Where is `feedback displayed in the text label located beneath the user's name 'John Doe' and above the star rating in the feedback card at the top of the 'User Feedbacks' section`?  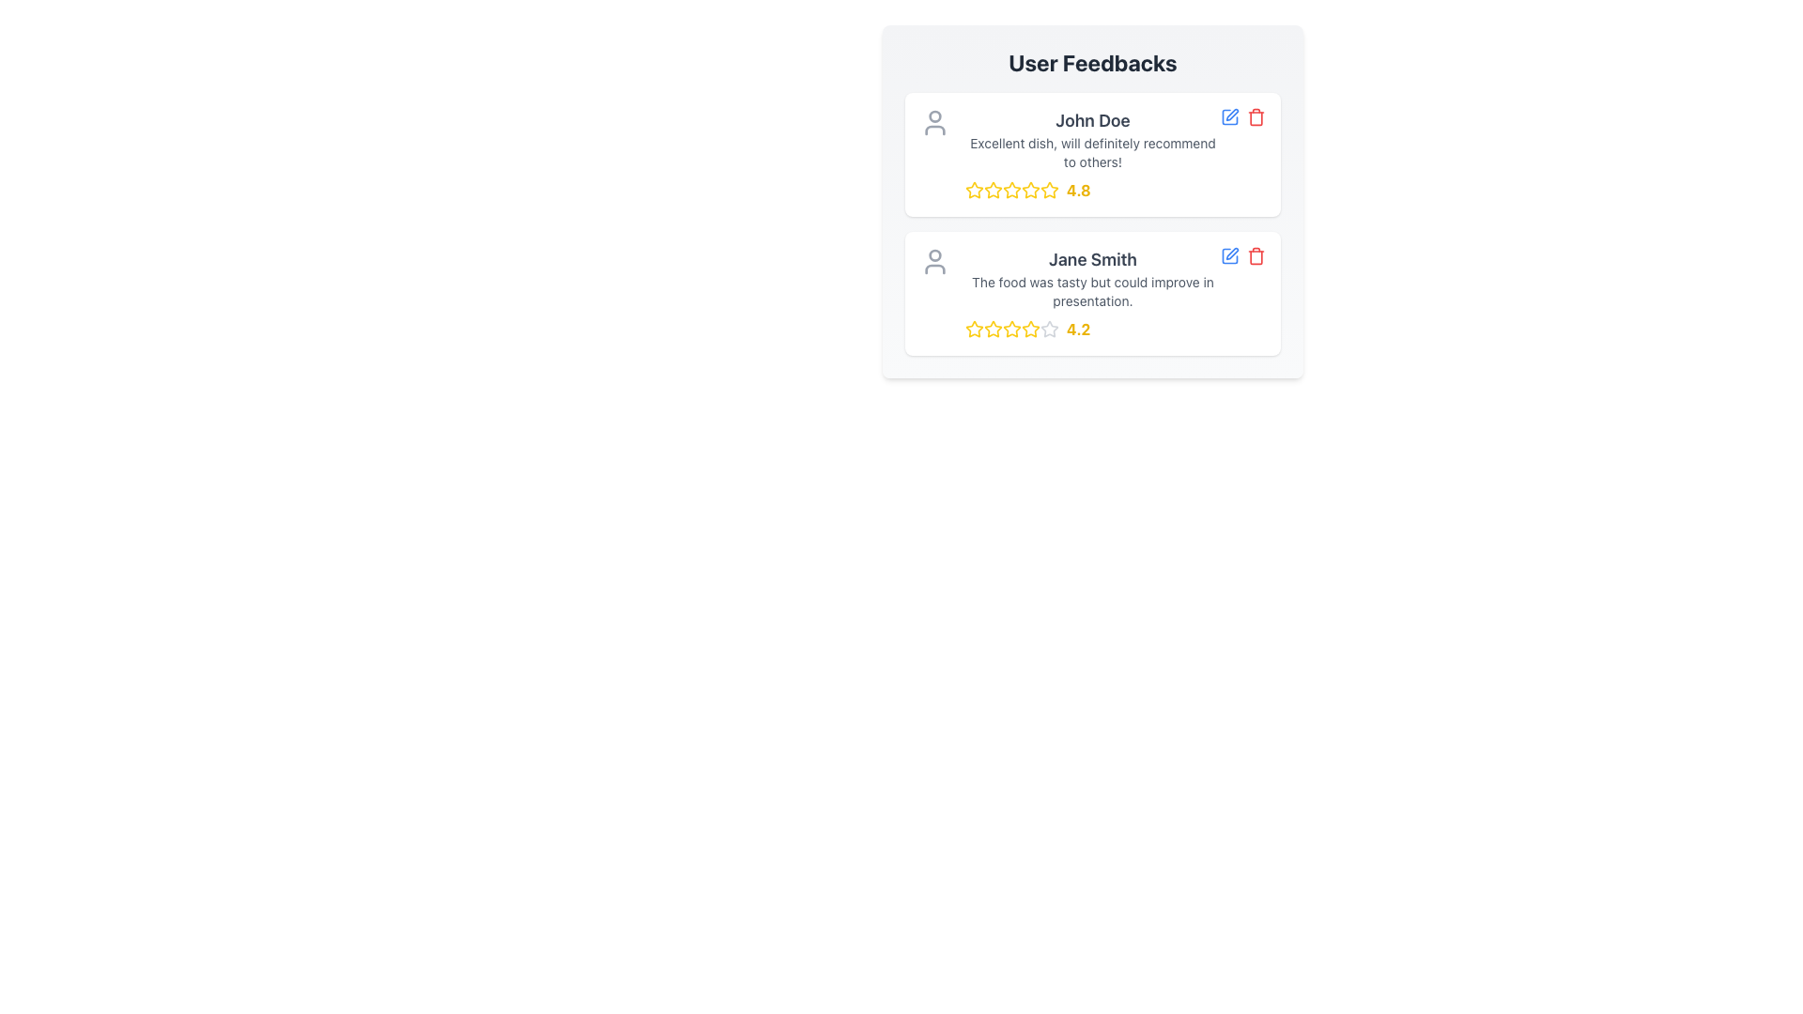 feedback displayed in the text label located beneath the user's name 'John Doe' and above the star rating in the feedback card at the top of the 'User Feedbacks' section is located at coordinates (1092, 151).